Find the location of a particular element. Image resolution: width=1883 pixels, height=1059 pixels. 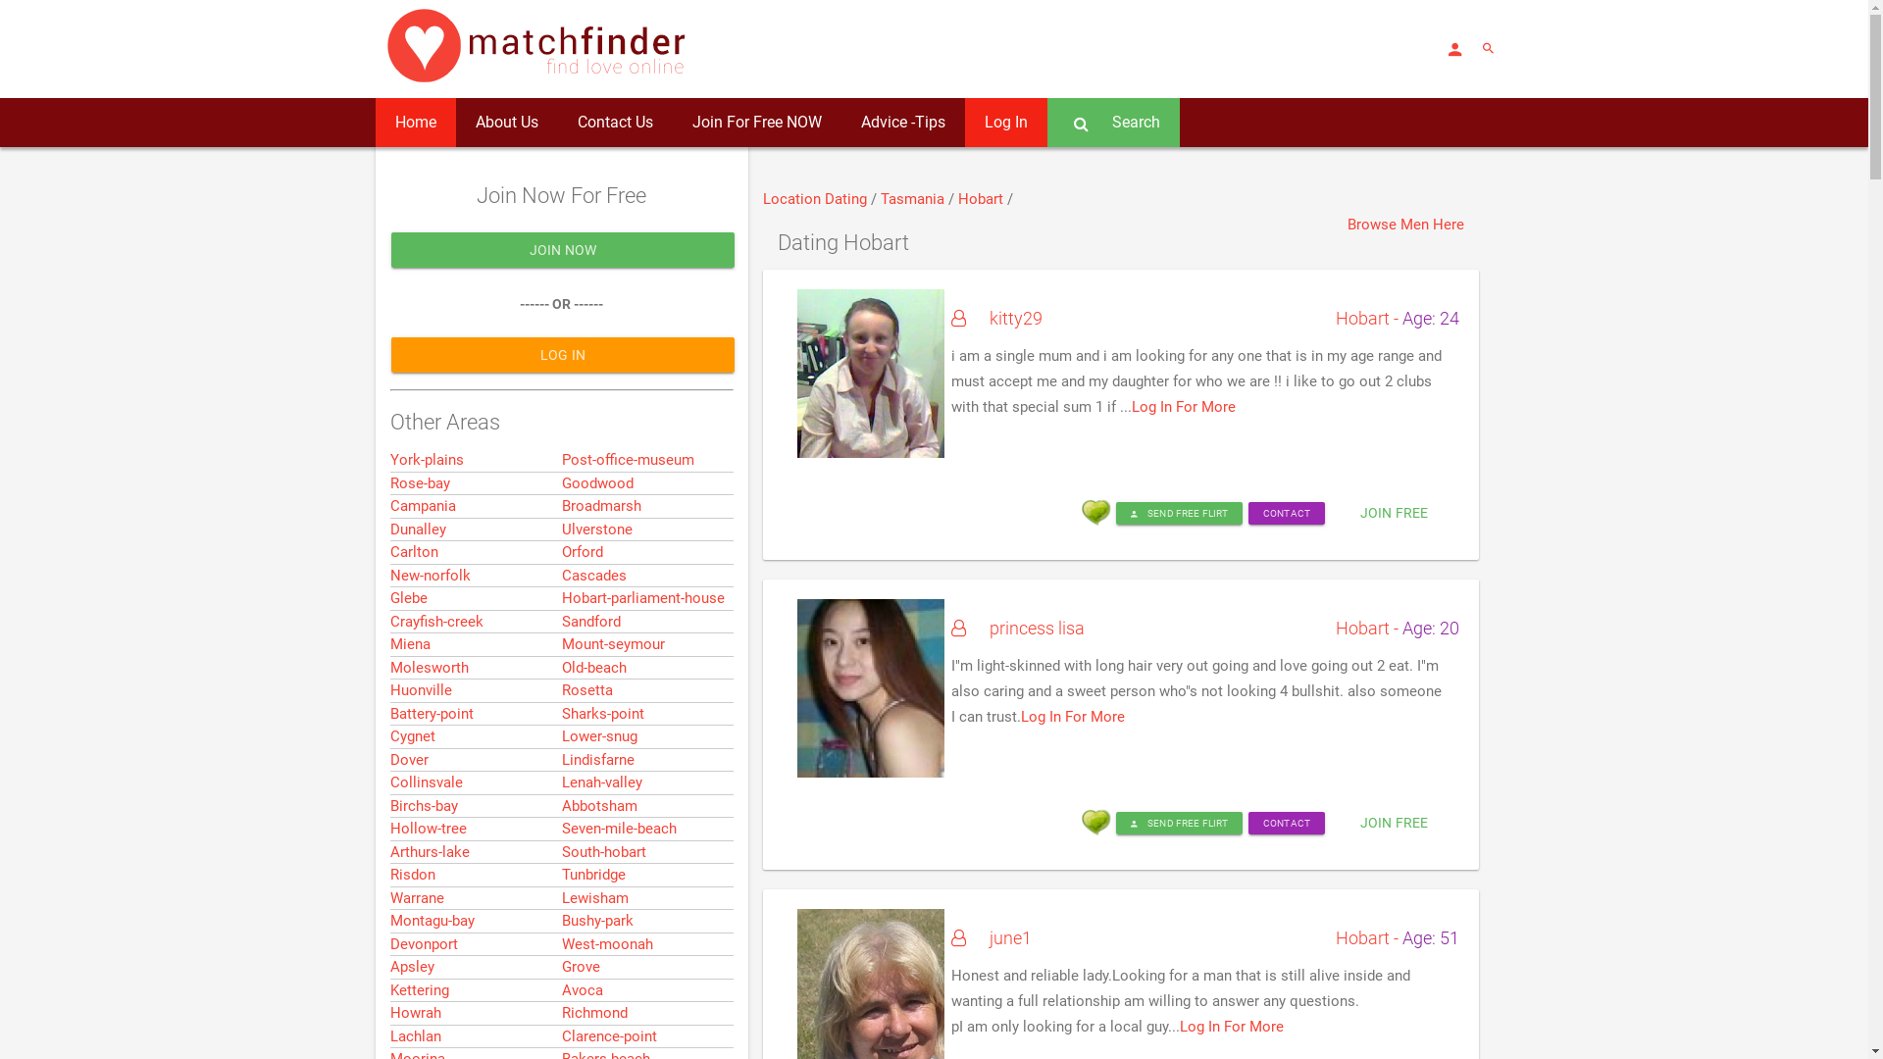

'Howrah' is located at coordinates (414, 1013).